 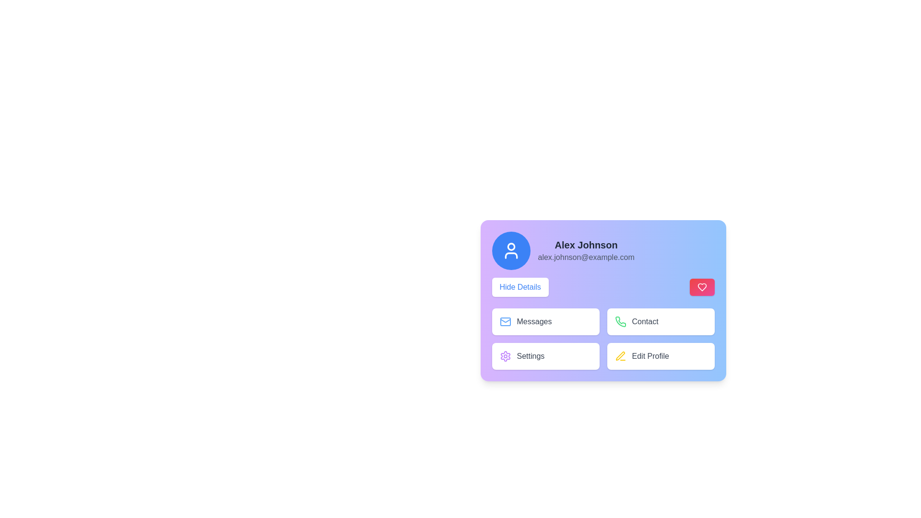 I want to click on the SVG icon of a phone with a green stroke, located to the left of the 'Contact' button in the user interface card, so click(x=620, y=322).